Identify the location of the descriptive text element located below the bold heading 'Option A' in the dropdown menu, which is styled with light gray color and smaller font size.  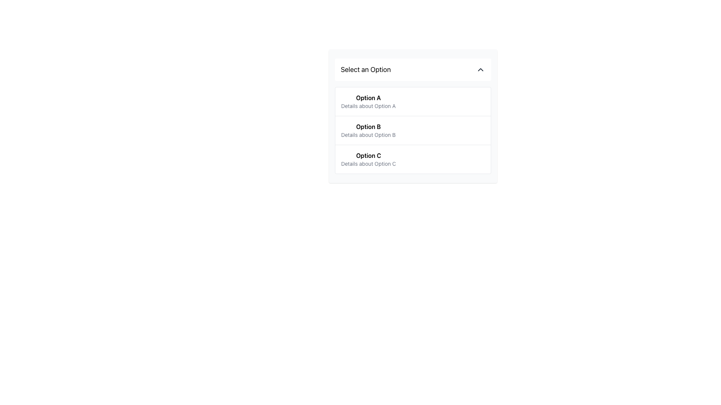
(368, 106).